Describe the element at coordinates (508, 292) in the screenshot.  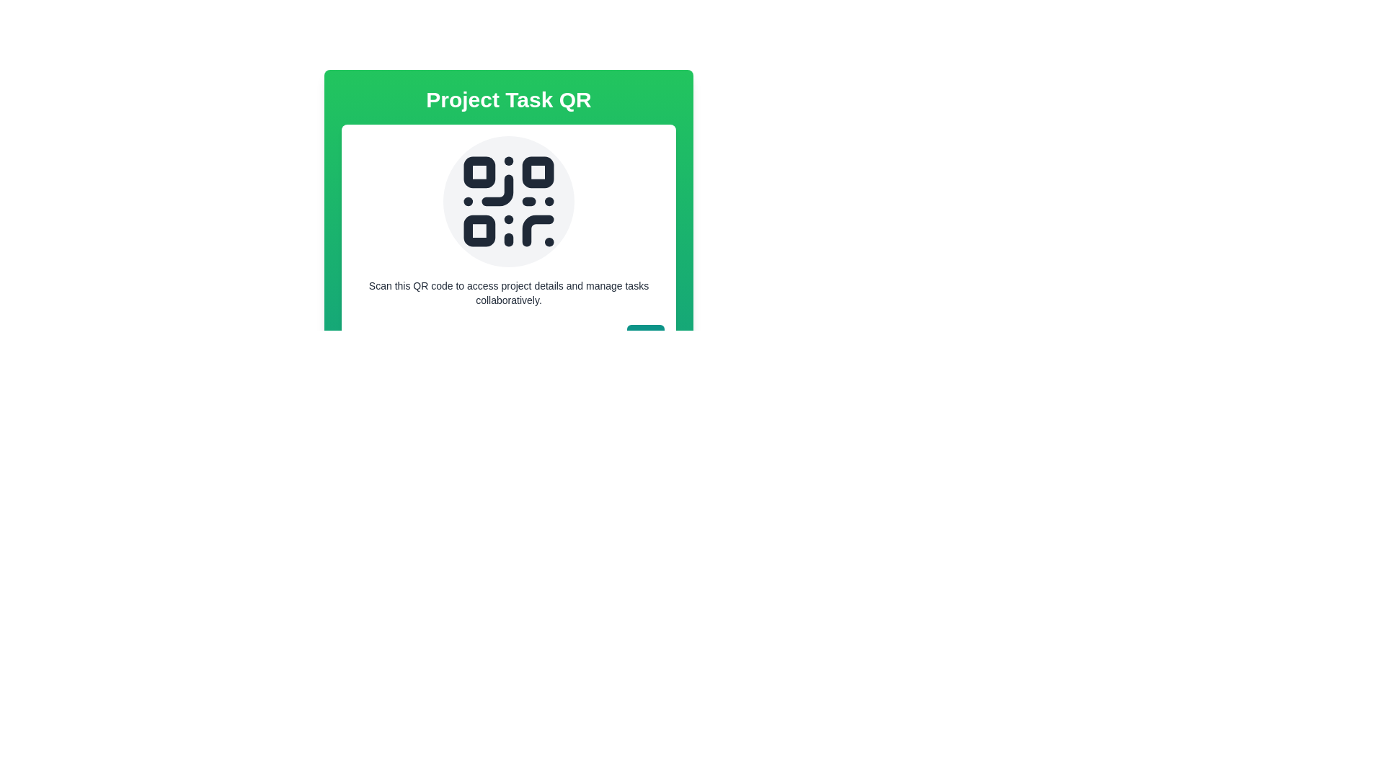
I see `the text block that instructs the user to scan the QR code for project-related details, located beneath the QR code graphic in the center section of the card` at that location.